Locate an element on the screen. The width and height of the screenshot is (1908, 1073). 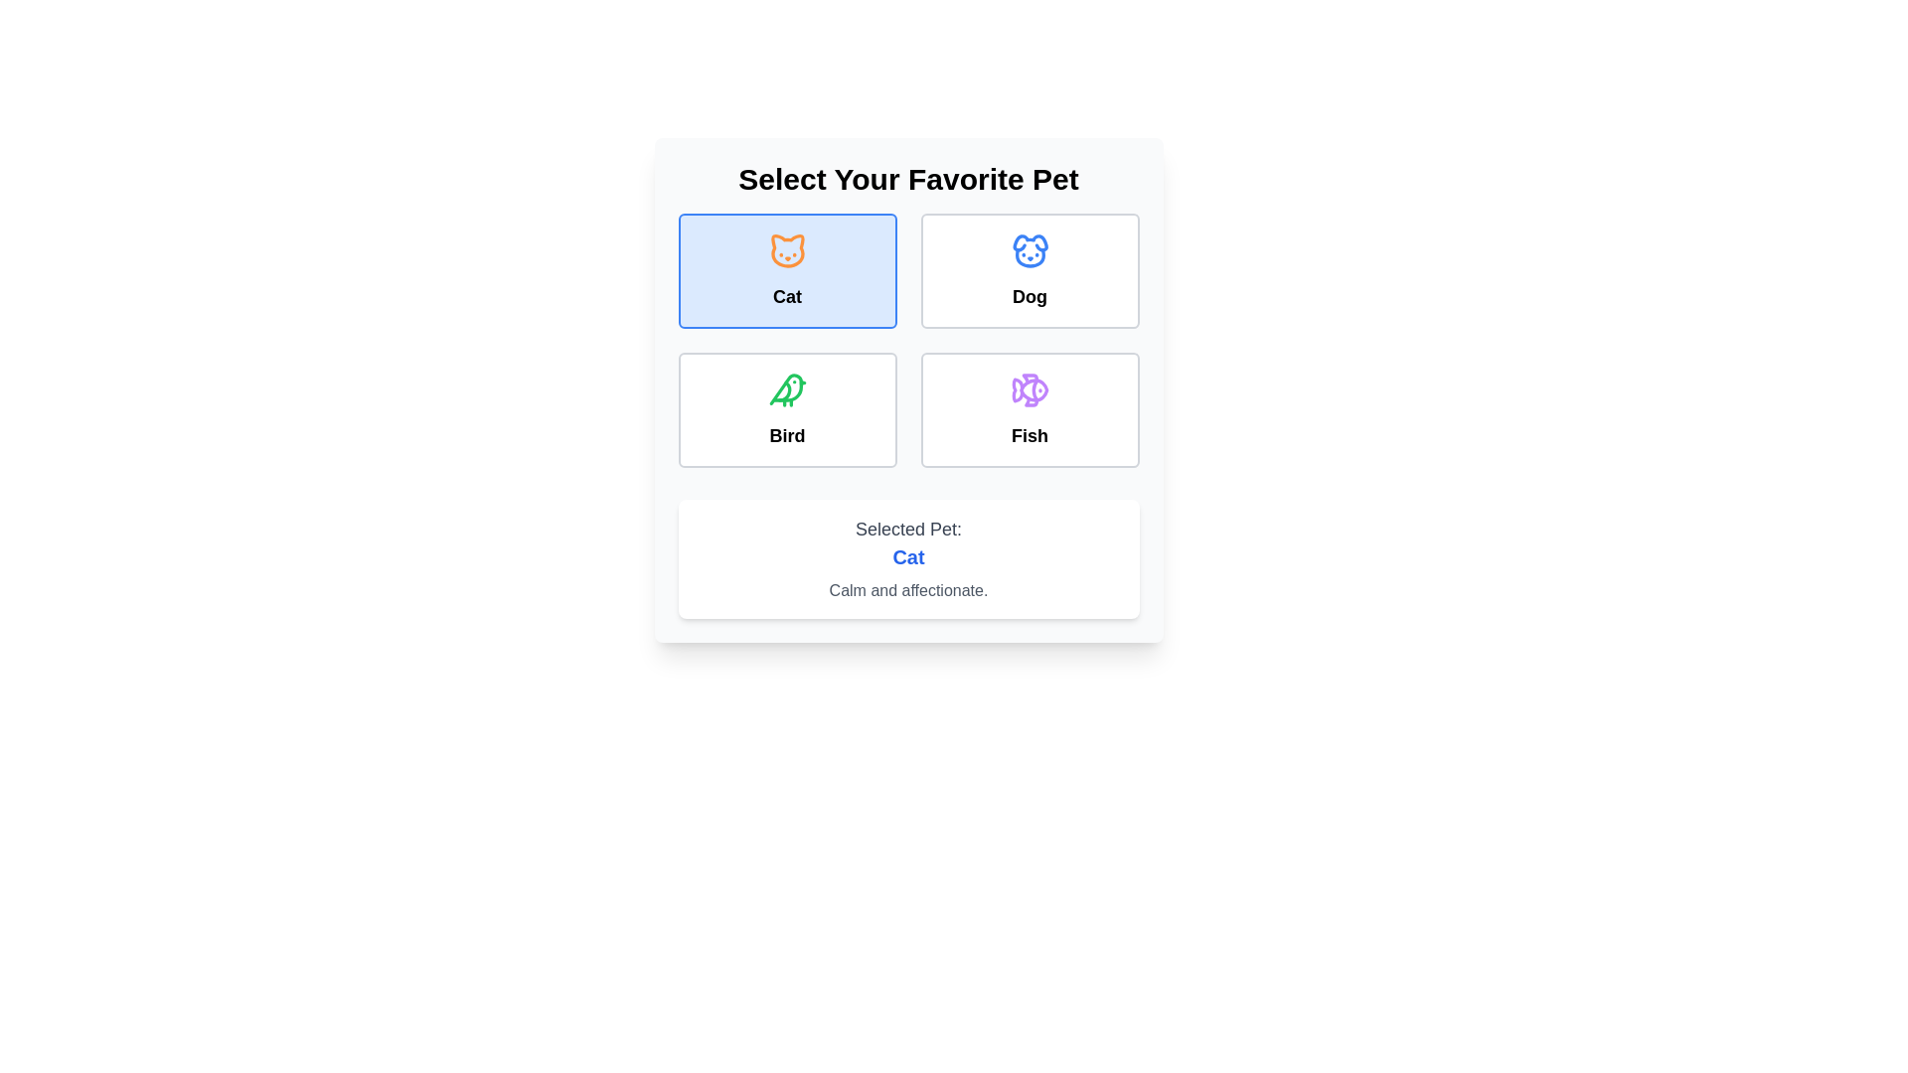
the button representing the 'Dog' category is located at coordinates (1030, 271).